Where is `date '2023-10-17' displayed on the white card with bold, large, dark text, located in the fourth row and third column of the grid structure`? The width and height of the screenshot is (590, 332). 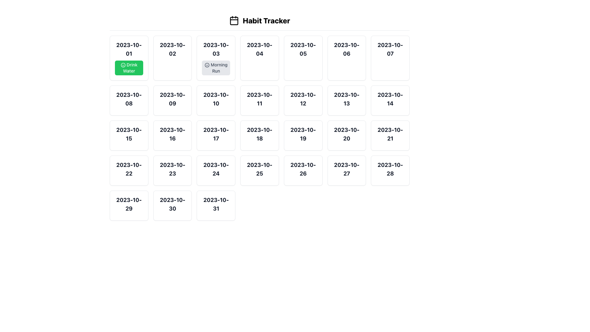 date '2023-10-17' displayed on the white card with bold, large, dark text, located in the fourth row and third column of the grid structure is located at coordinates (216, 135).